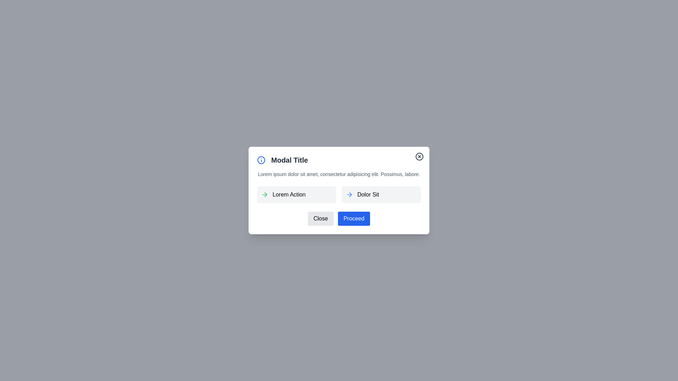  What do you see at coordinates (368, 194) in the screenshot?
I see `the text label 'Dolor Sit' within the modal dialog box` at bounding box center [368, 194].